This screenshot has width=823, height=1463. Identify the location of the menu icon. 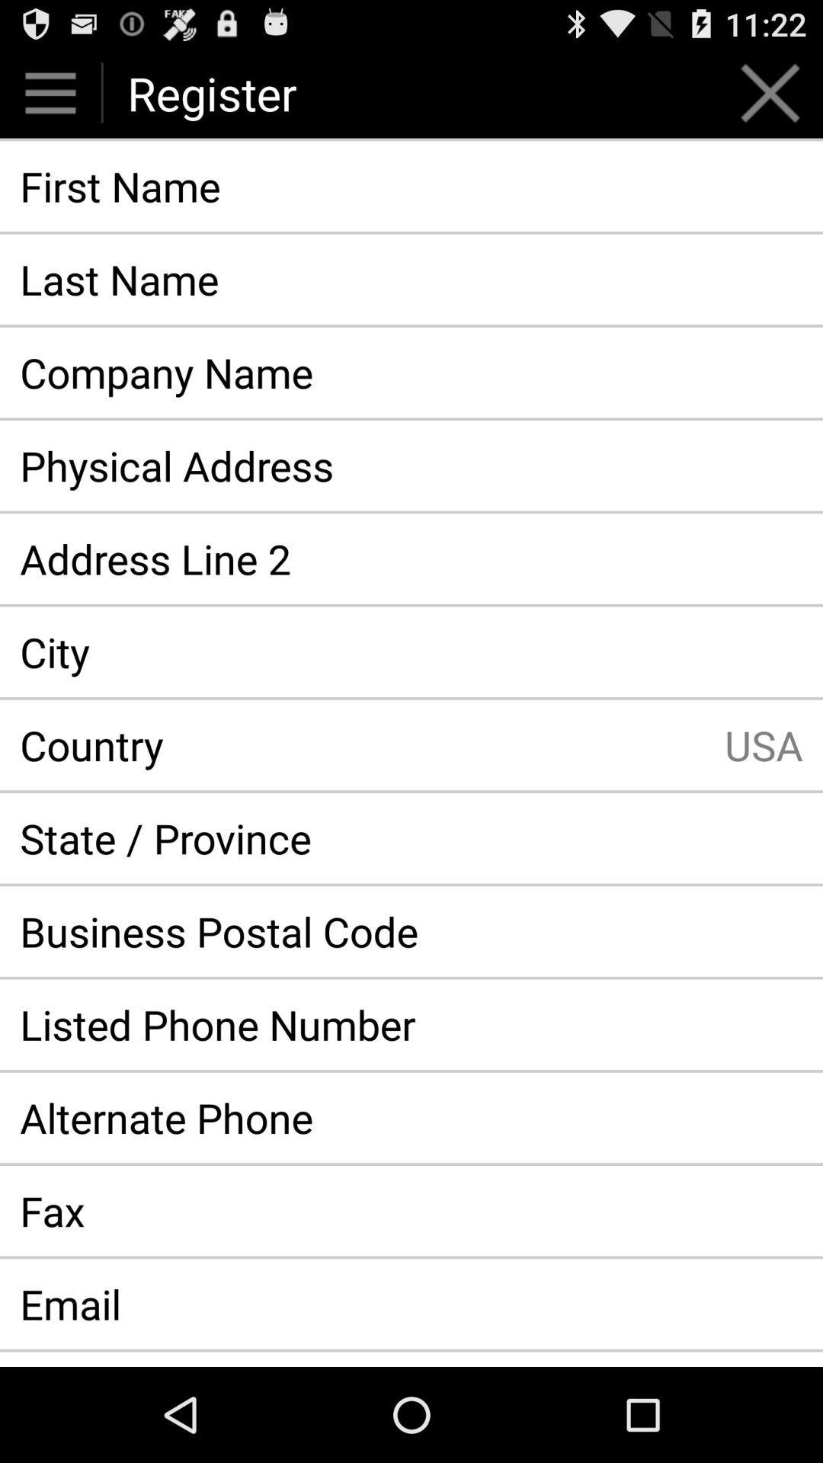
(50, 98).